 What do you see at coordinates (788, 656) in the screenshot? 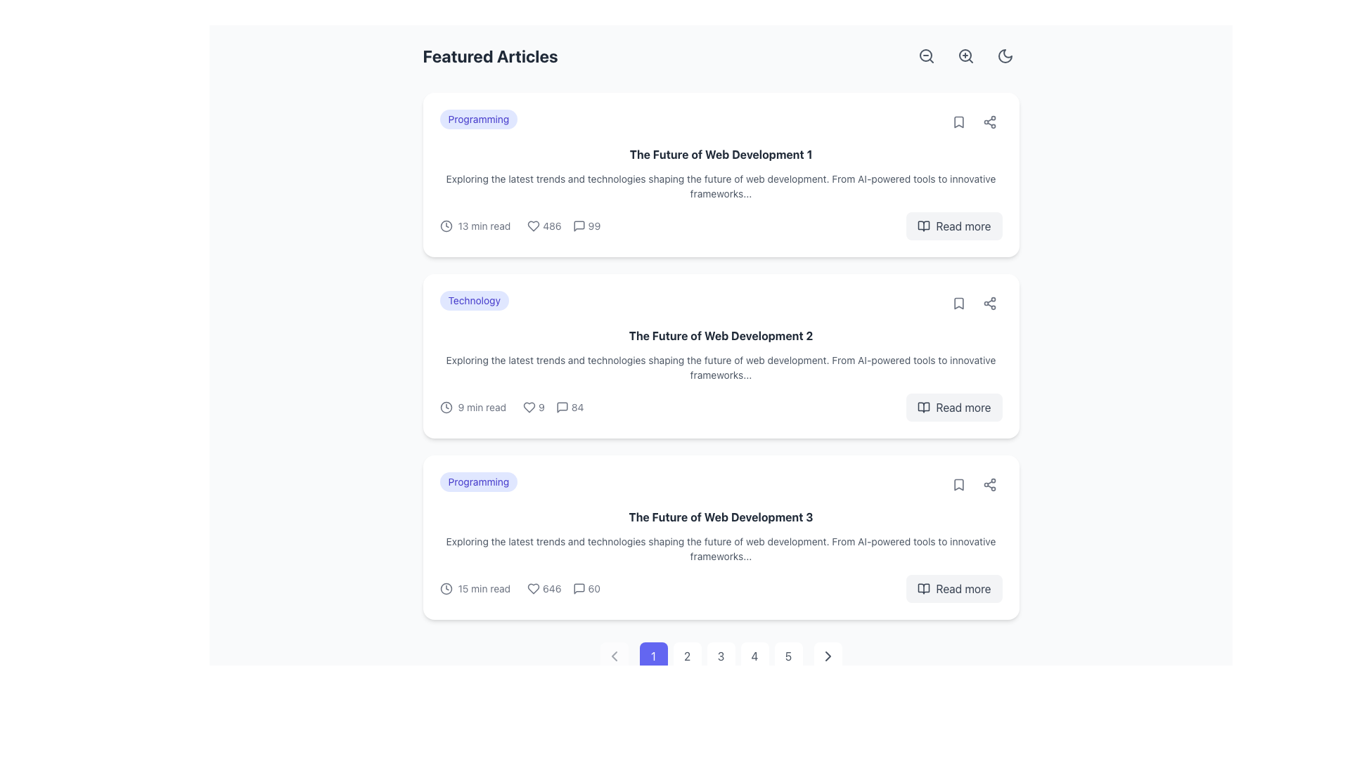
I see `the fifth pagination button located at the bottom center of the interface` at bounding box center [788, 656].